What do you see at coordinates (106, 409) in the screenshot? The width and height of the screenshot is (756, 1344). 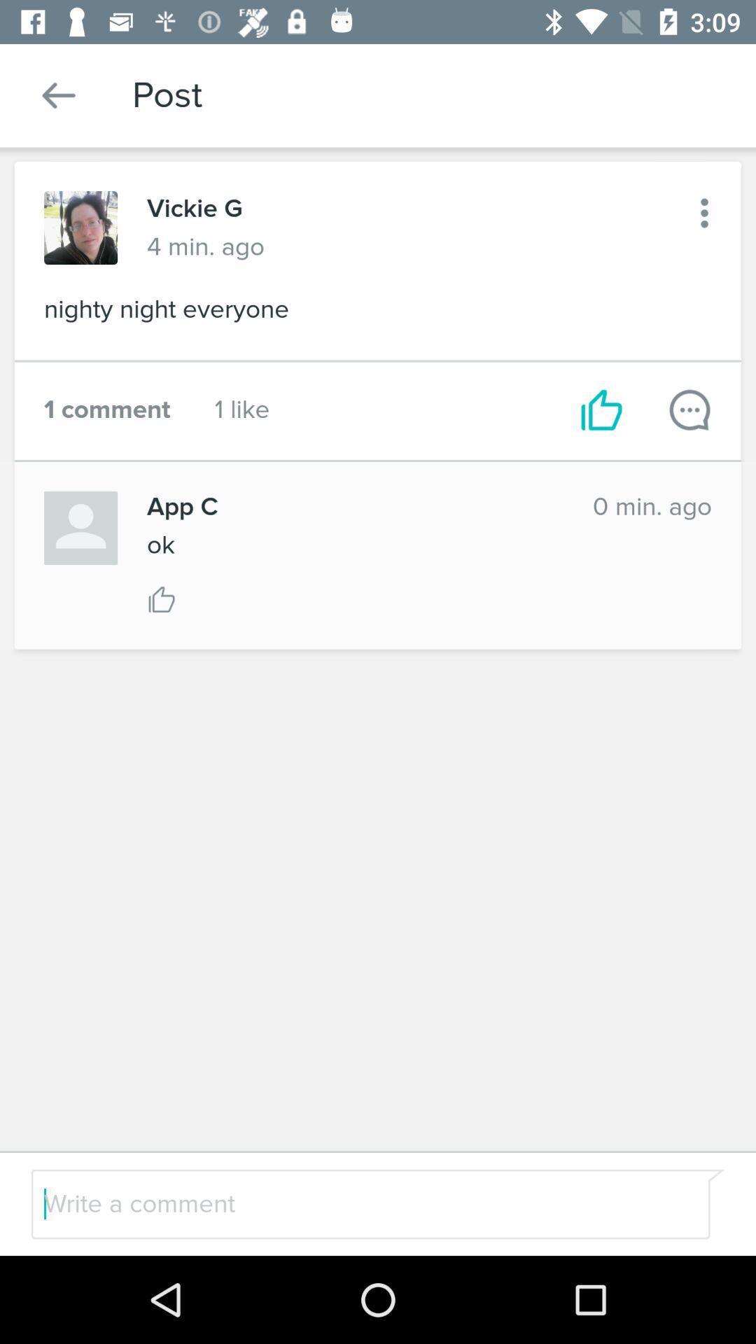 I see `the icon to the left of 1 like` at bounding box center [106, 409].